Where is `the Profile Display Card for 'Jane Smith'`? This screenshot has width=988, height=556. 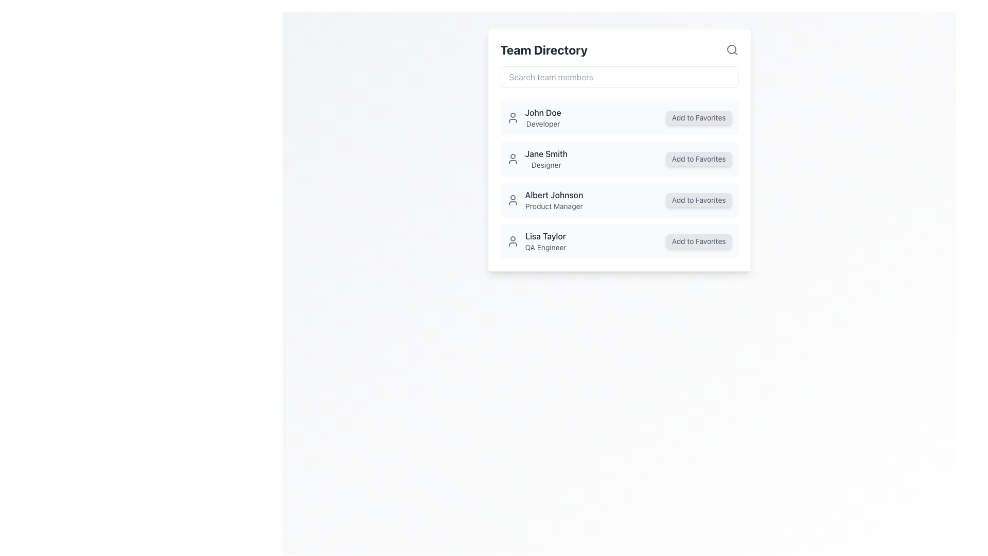
the Profile Display Card for 'Jane Smith' is located at coordinates (619, 150).